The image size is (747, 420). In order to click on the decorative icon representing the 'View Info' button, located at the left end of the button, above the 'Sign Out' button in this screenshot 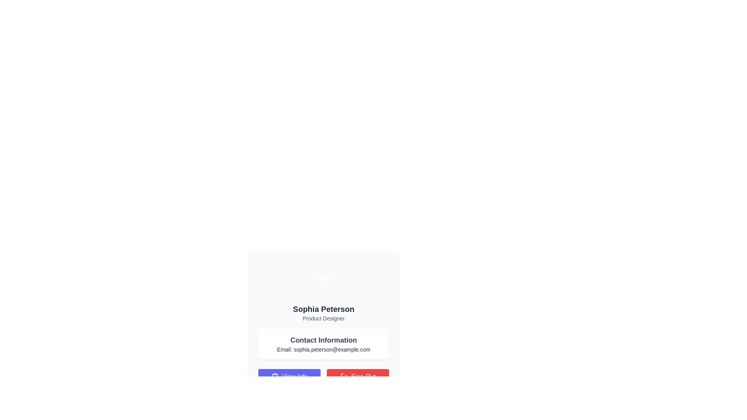, I will do `click(275, 376)`.